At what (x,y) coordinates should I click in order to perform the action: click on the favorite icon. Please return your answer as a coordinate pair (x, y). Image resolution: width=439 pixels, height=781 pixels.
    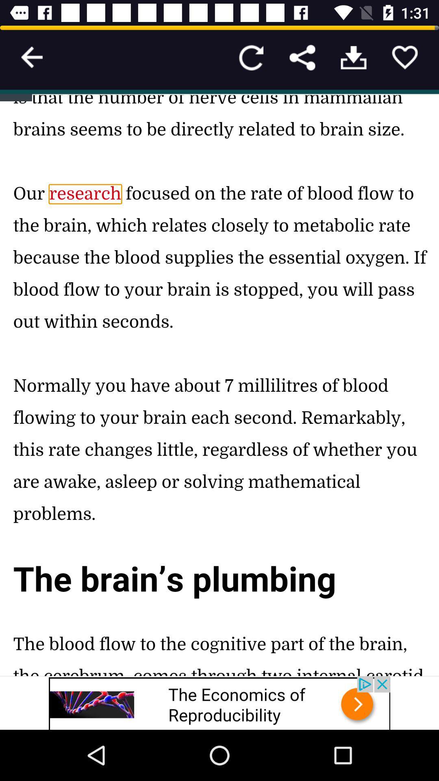
    Looking at the image, I should click on (404, 57).